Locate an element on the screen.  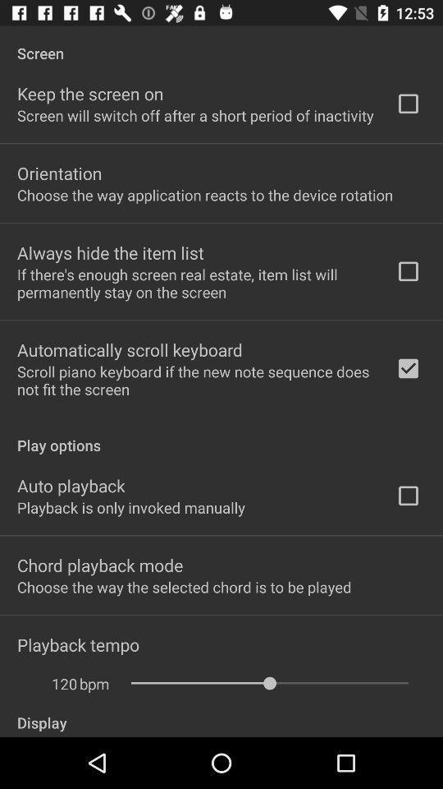
the 120 is located at coordinates (55, 684).